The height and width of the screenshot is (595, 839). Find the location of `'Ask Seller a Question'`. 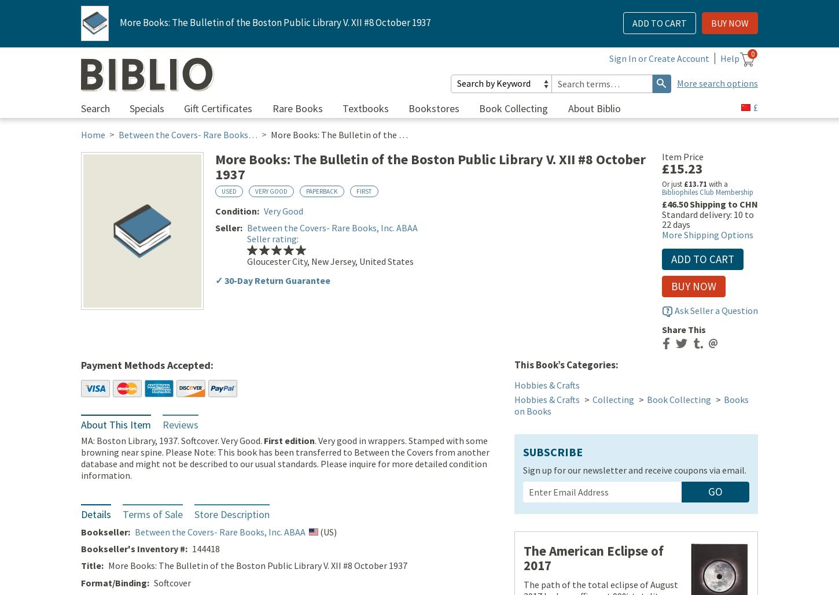

'Ask Seller a Question' is located at coordinates (716, 311).